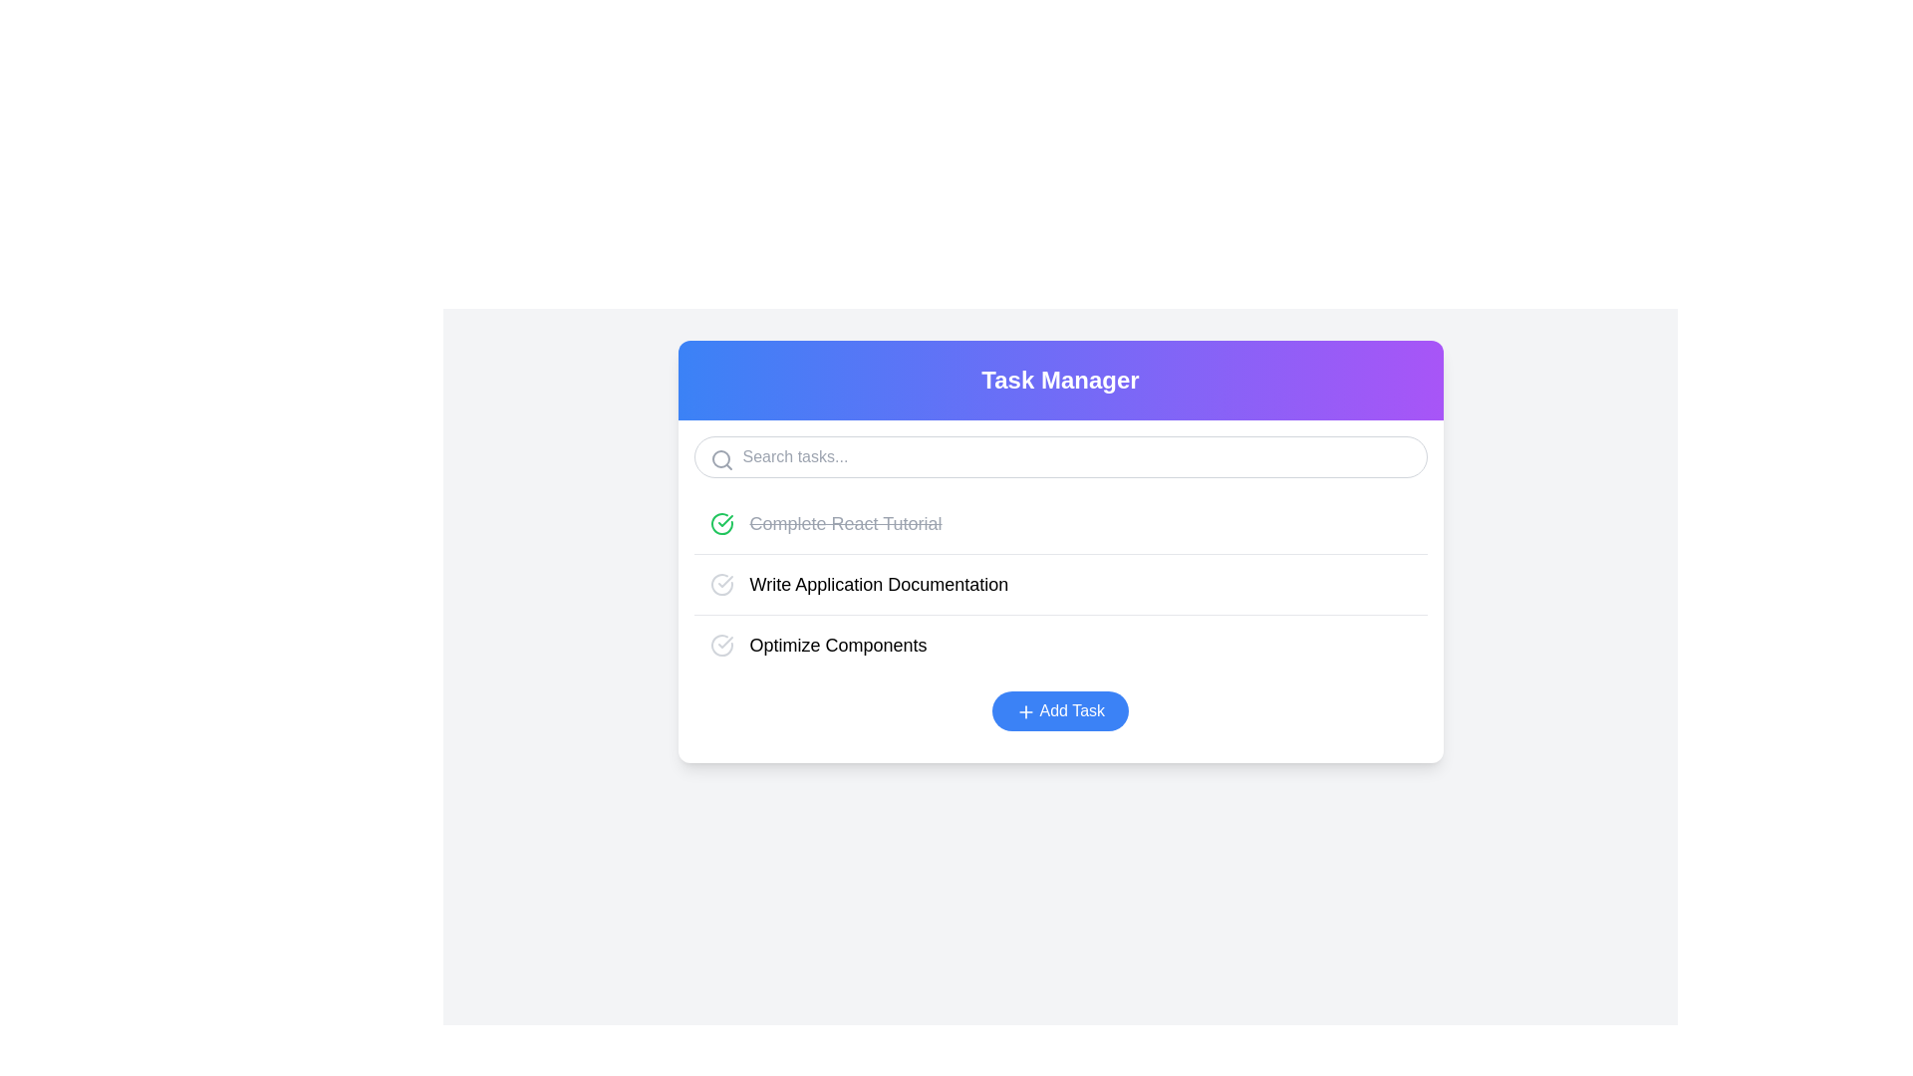  I want to click on the text label that describes the second task item in the task management list, positioned below 'Complete React Tutorial' and above 'Optimize Components', so click(859, 583).